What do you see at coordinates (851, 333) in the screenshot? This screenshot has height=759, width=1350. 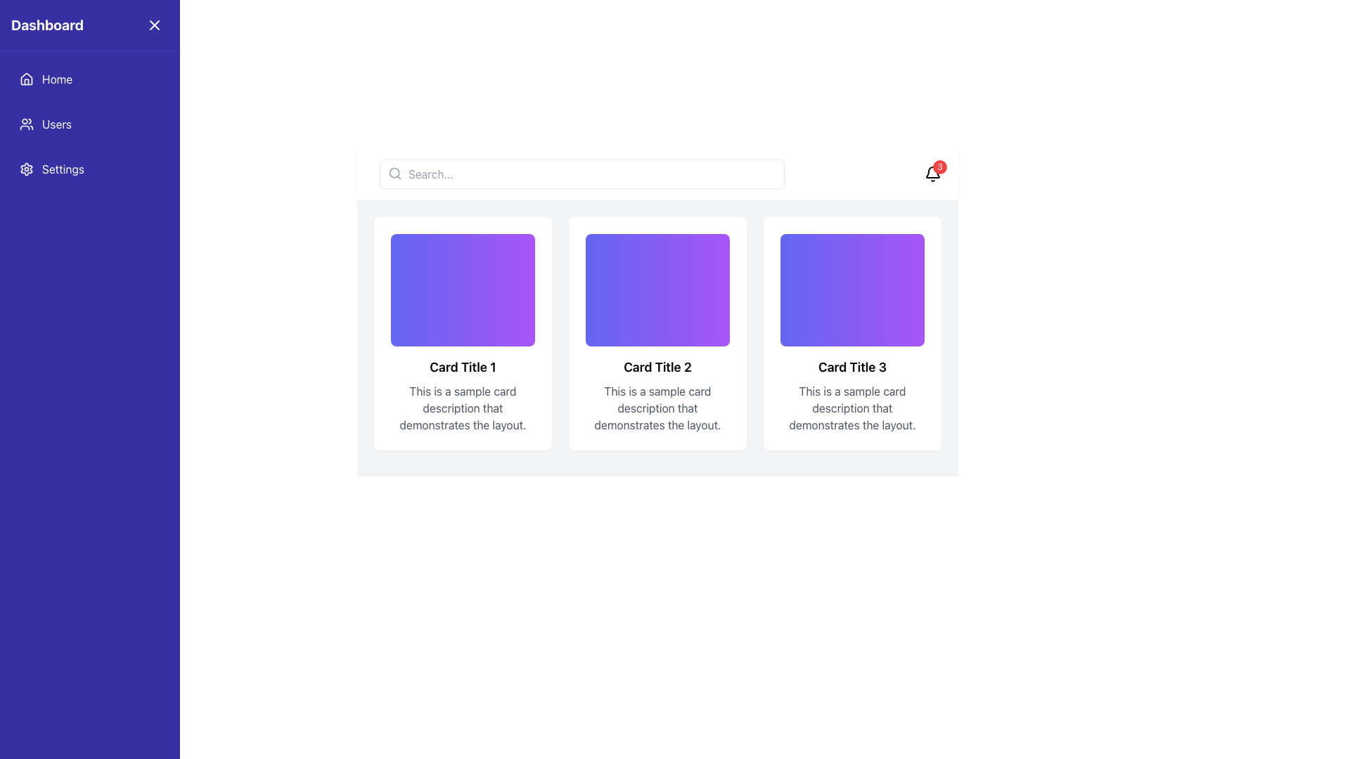 I see `the gradient rectangle at the top of the card component titled 'Card Title 3', which features a transition from indigo to purple` at bounding box center [851, 333].